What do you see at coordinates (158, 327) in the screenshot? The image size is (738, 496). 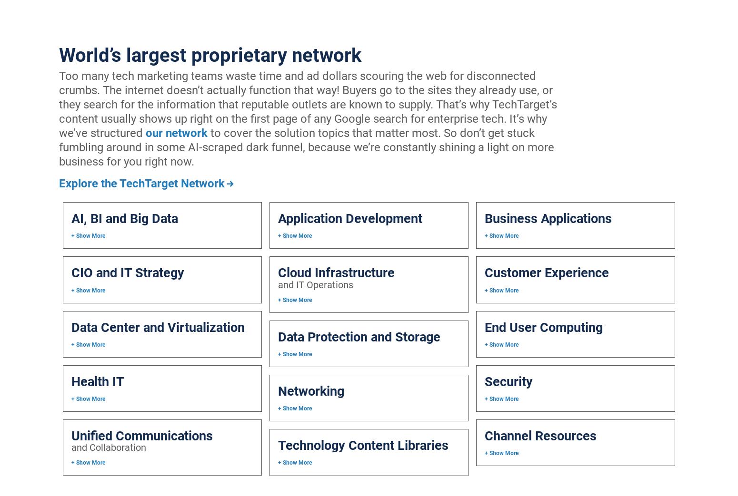 I see `'Data Center and Virtualization'` at bounding box center [158, 327].